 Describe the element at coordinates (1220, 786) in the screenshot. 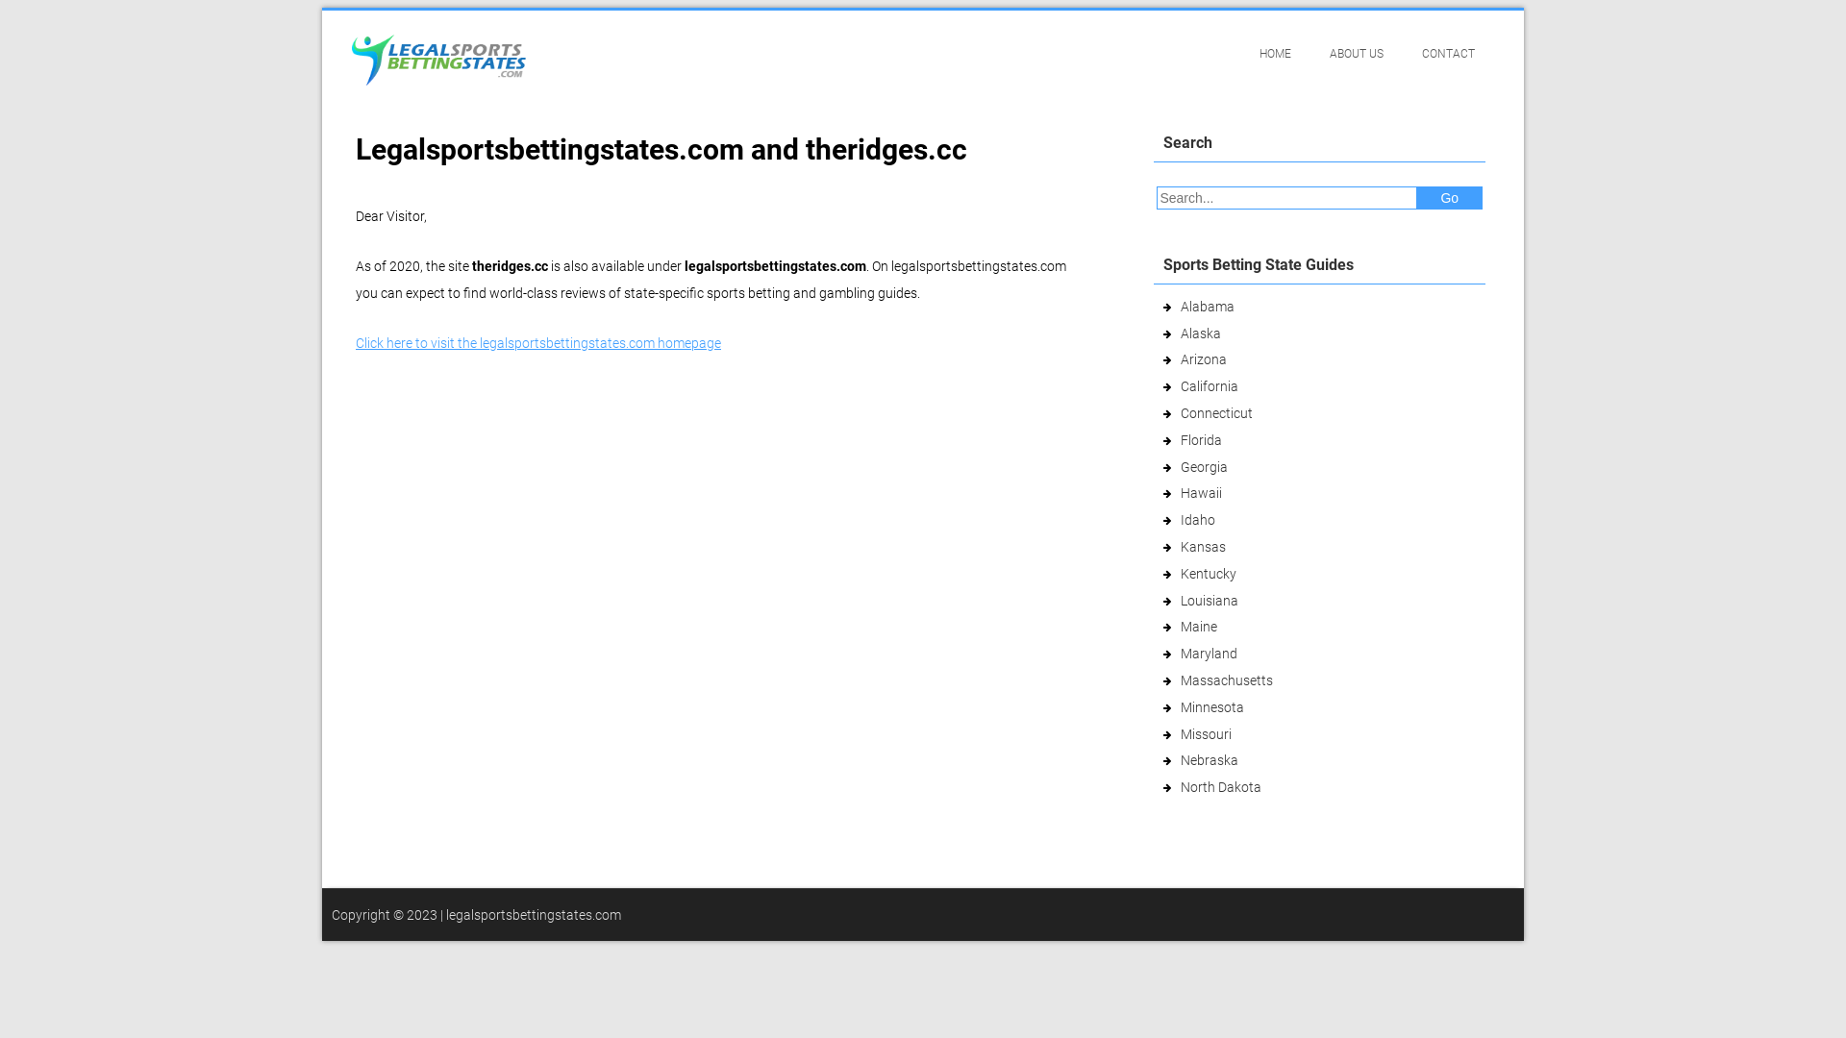

I see `'North Dakota'` at that location.